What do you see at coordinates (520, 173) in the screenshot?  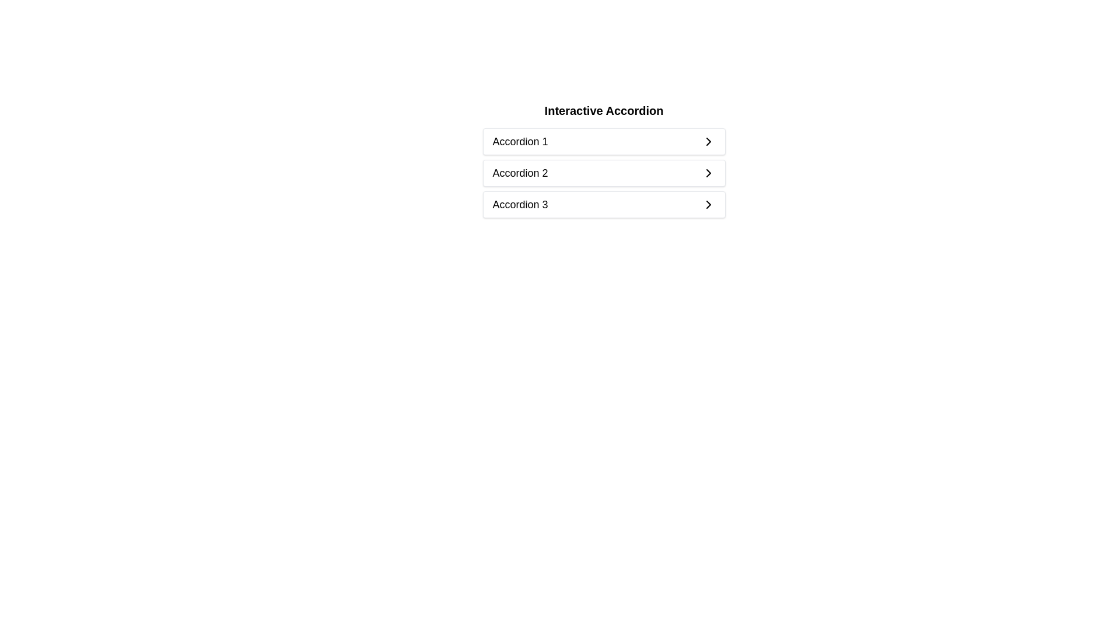 I see `the text label displaying 'Accordion 2', which is bold and left-aligned within the second interactive accordion option` at bounding box center [520, 173].